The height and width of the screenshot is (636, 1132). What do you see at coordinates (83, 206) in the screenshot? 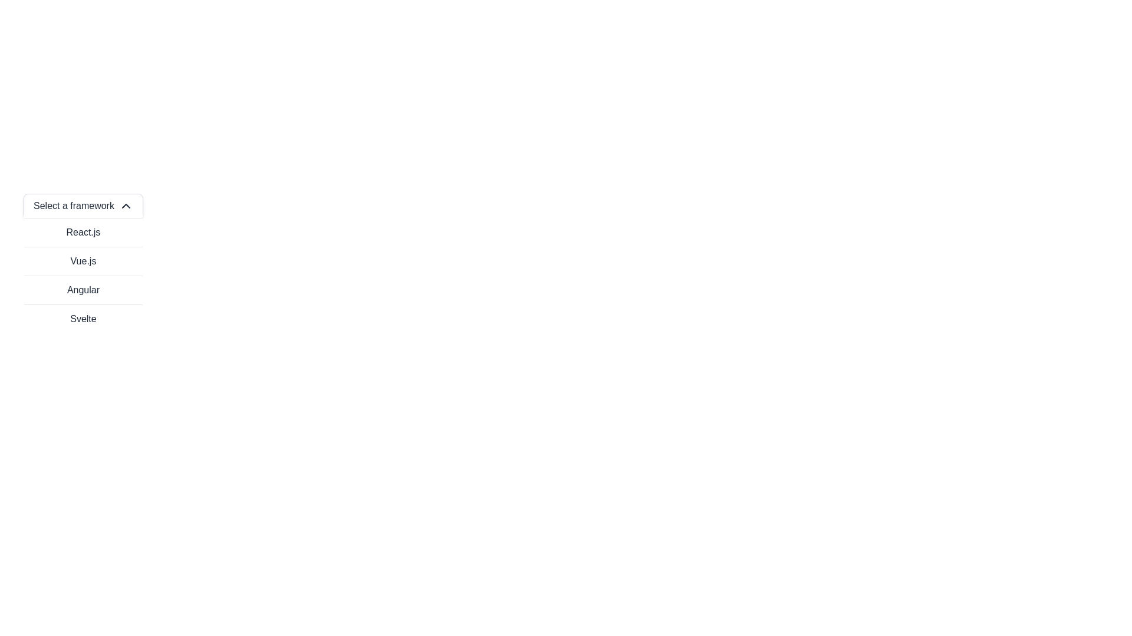
I see `the Dropdown Menu Trigger, which is a white rectangular box with the text 'Select a framework' and an upward-pointing chevron icon` at bounding box center [83, 206].